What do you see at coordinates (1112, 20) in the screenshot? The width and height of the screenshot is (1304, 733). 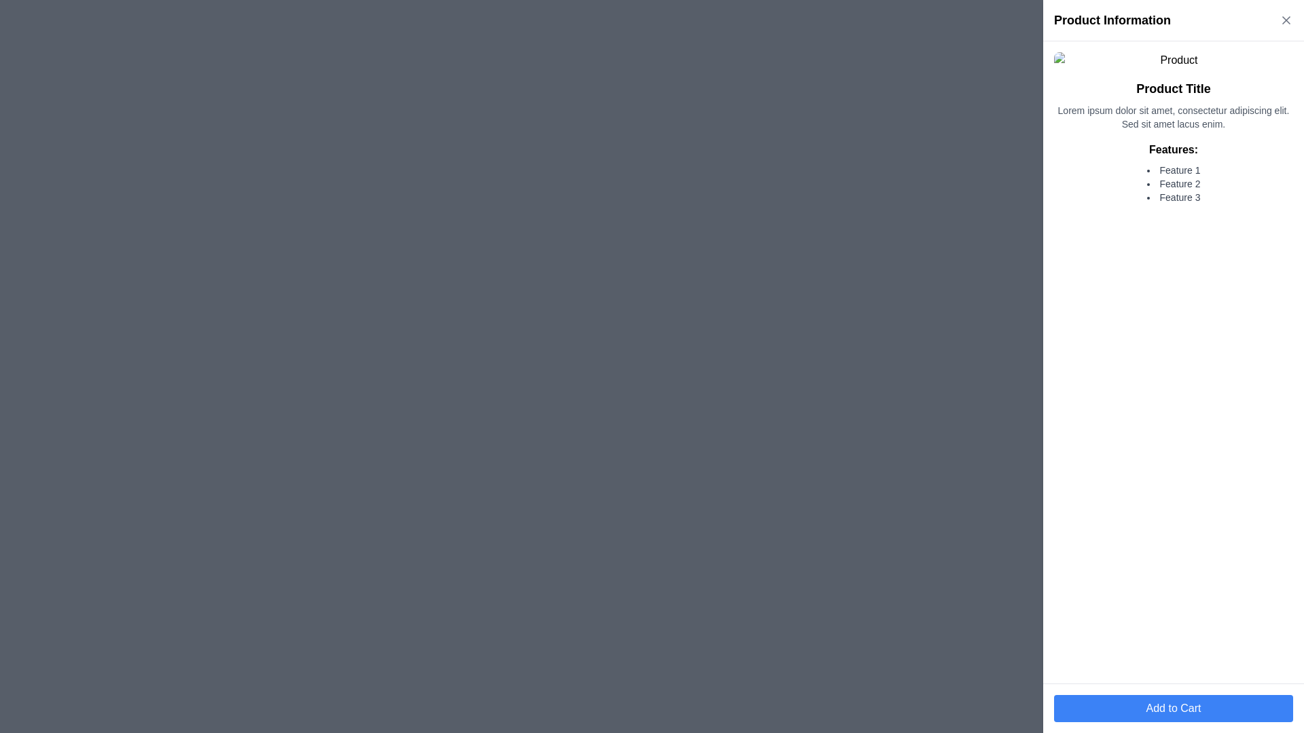 I see `the 'Product Information' header text, which is bold and prominently displayed at the top-left of the pane` at bounding box center [1112, 20].